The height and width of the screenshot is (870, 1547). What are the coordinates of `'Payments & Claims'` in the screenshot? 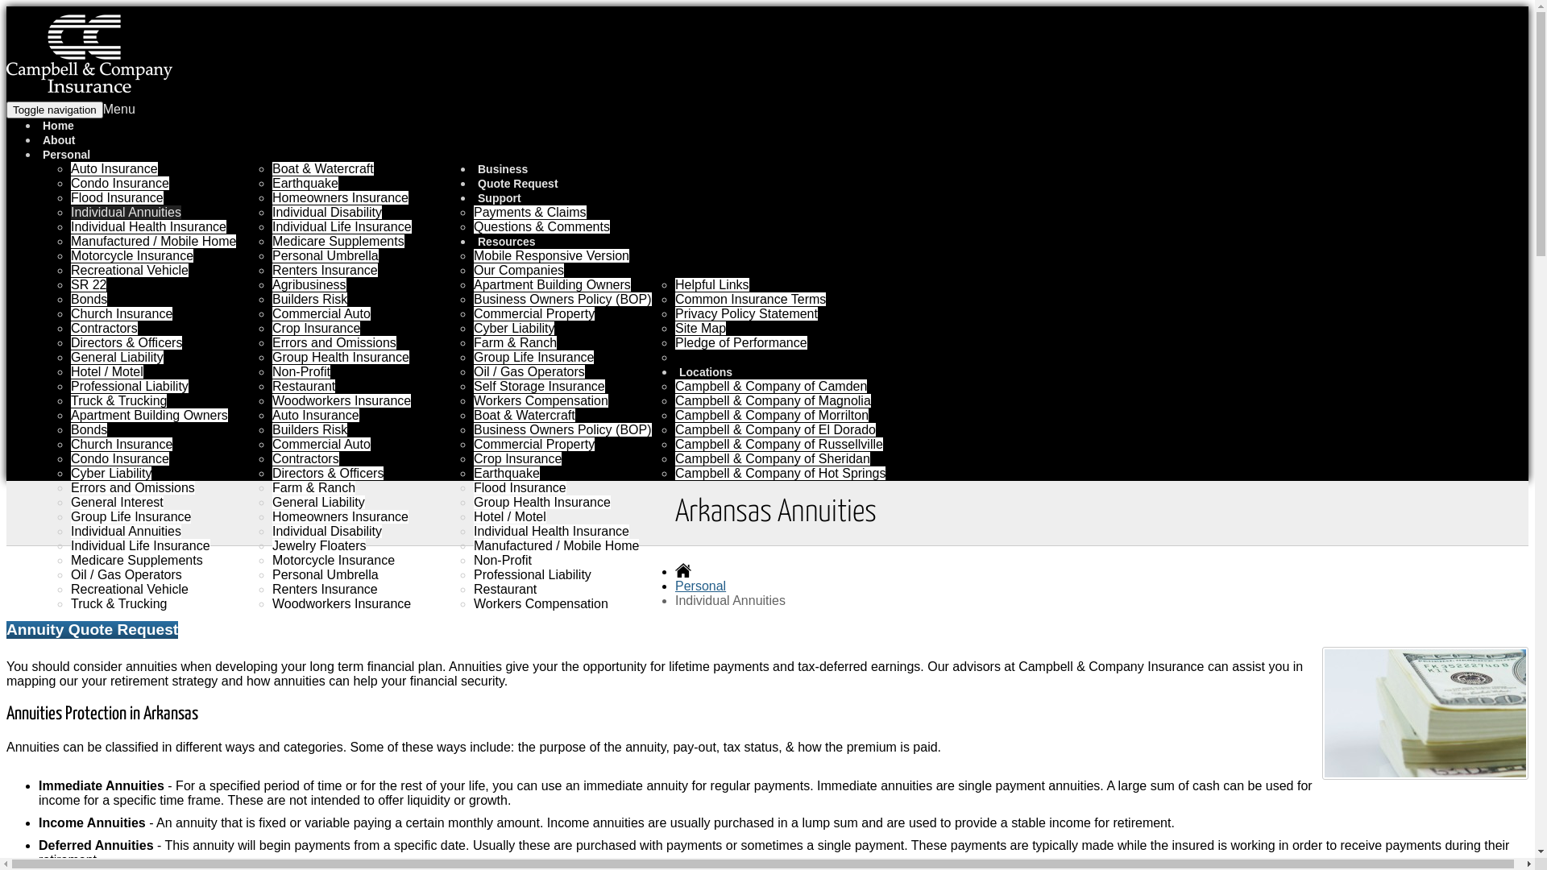 It's located at (529, 211).